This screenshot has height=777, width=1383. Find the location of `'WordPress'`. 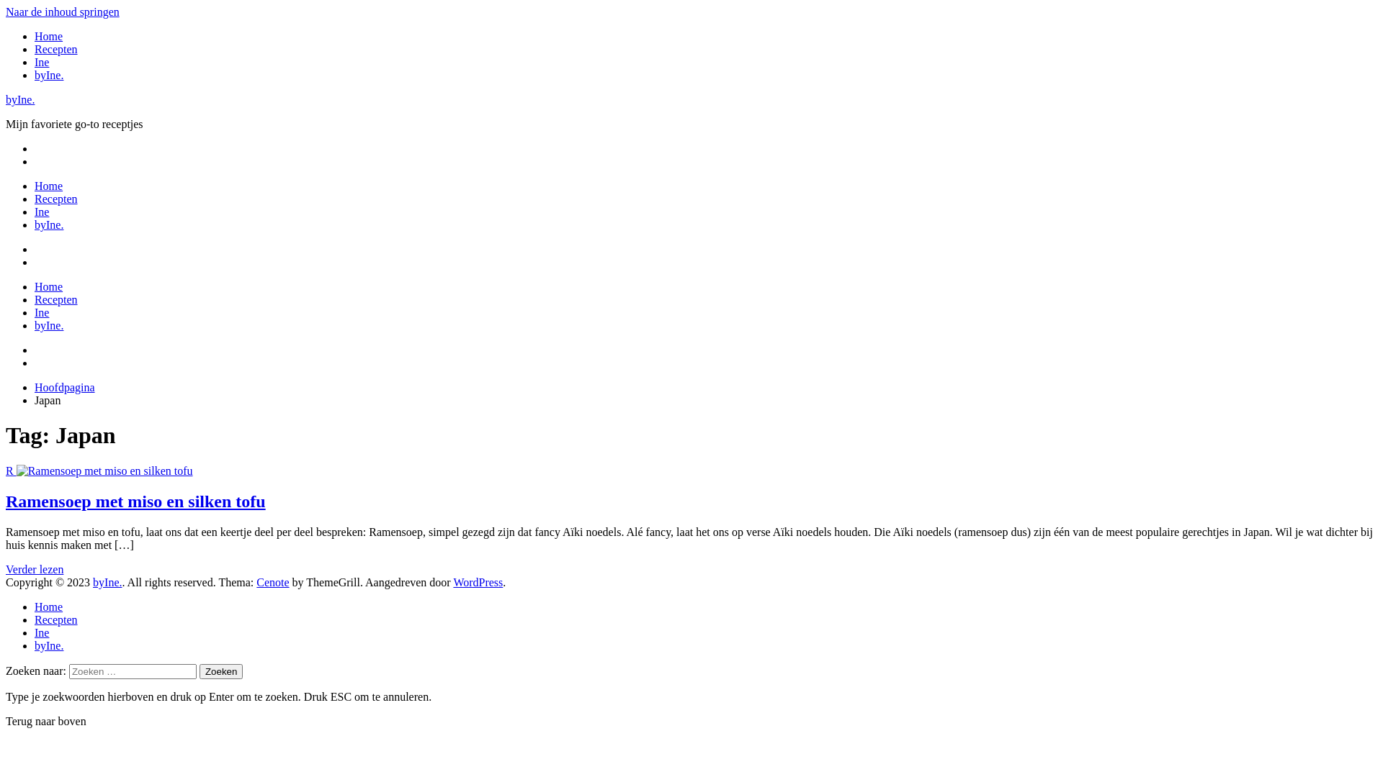

'WordPress' is located at coordinates (478, 581).